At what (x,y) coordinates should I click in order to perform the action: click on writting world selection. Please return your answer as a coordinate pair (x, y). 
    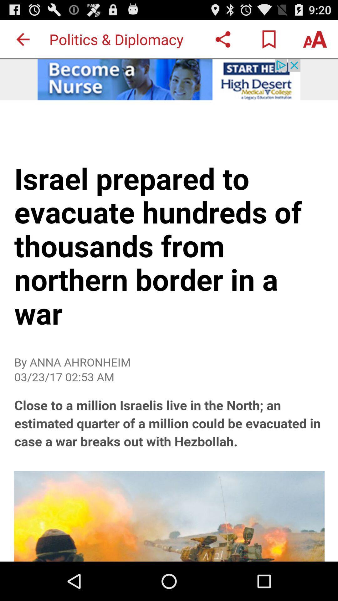
    Looking at the image, I should click on (315, 39).